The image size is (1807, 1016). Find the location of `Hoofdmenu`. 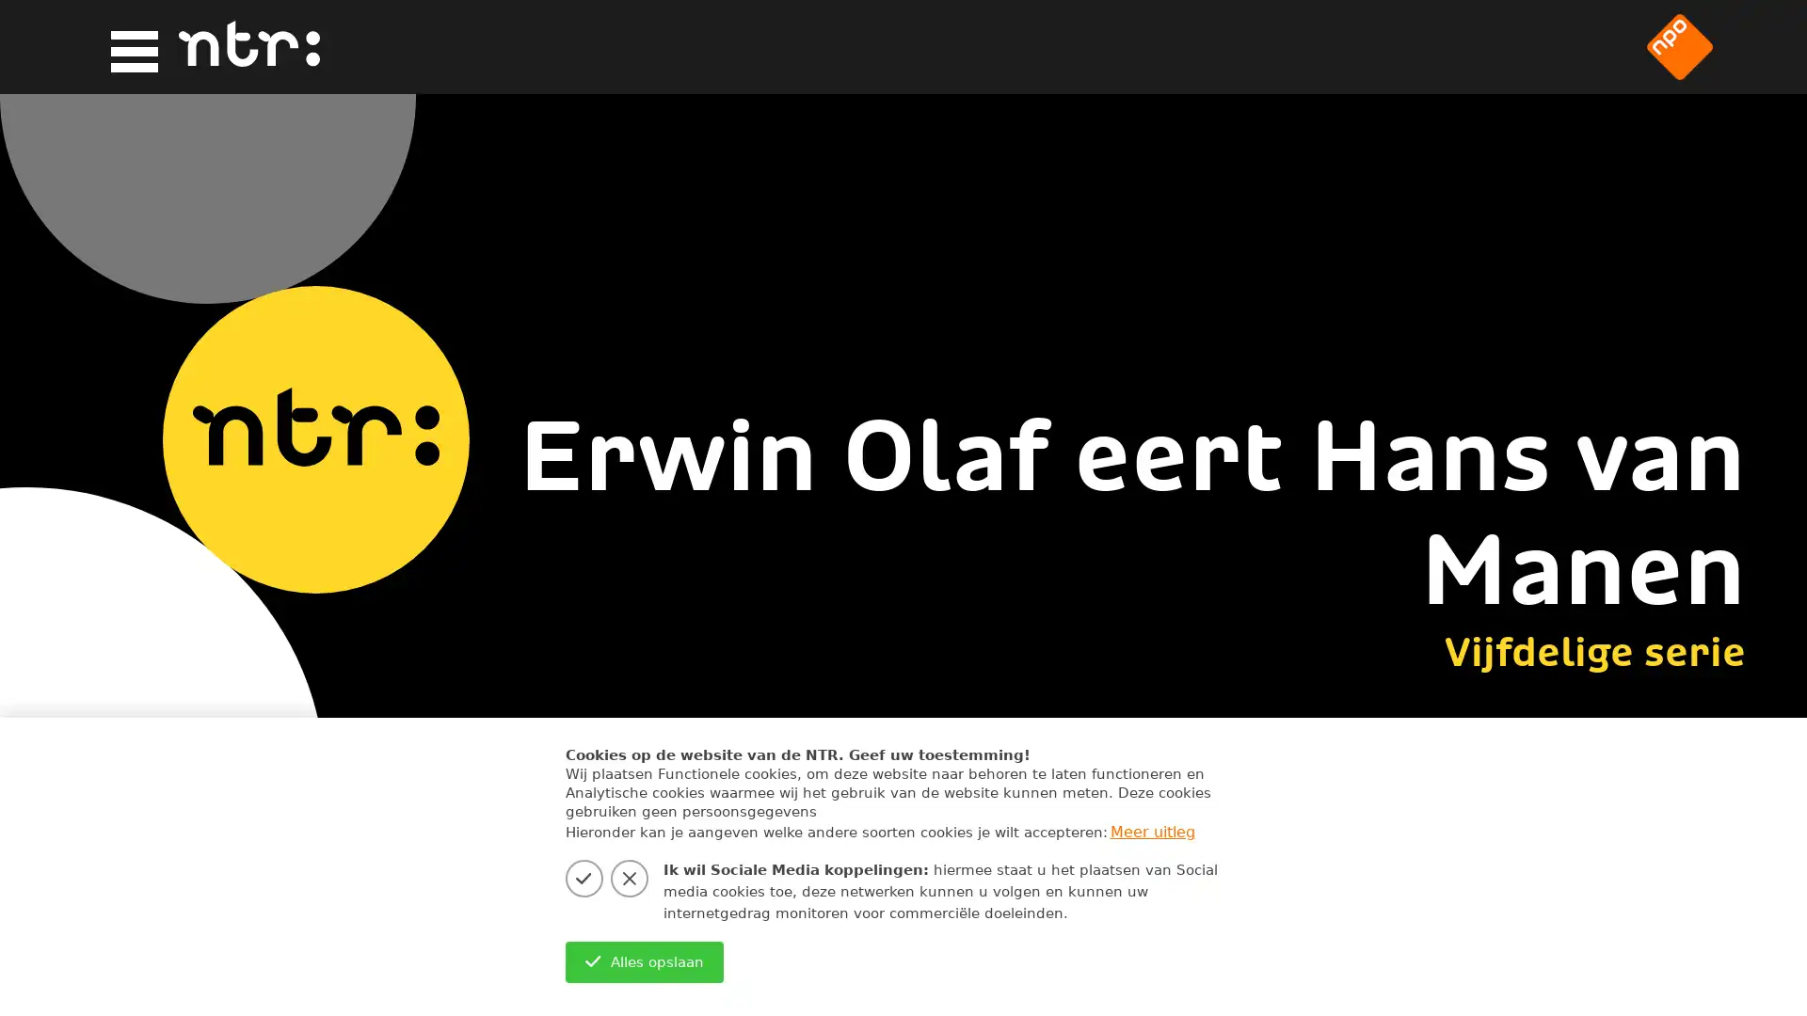

Hoofdmenu is located at coordinates (128, 47).